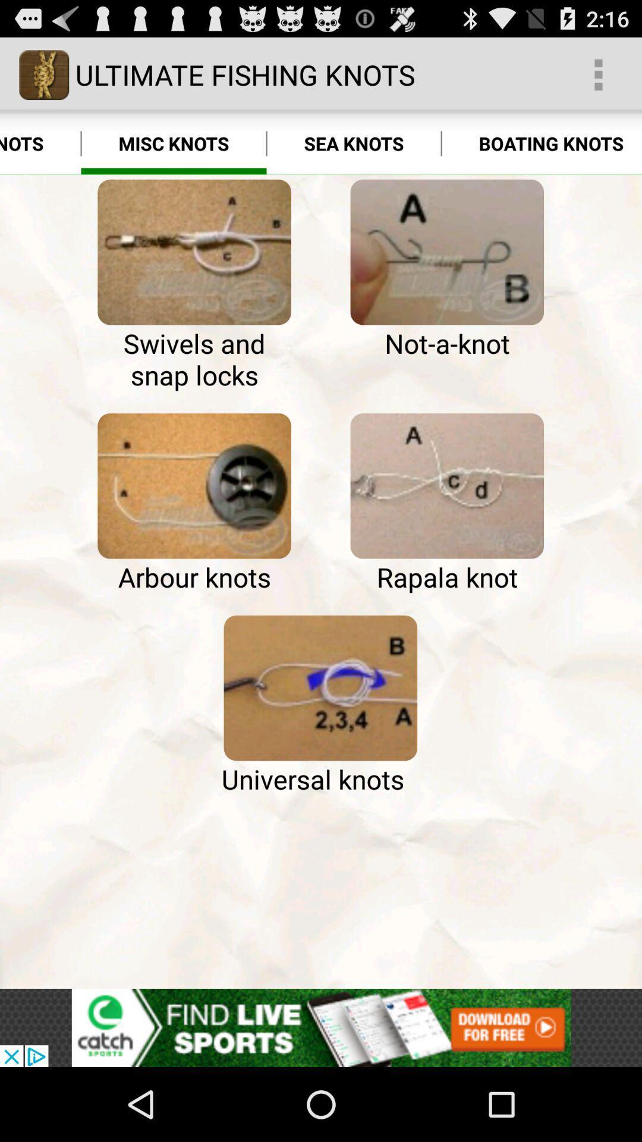 Image resolution: width=642 pixels, height=1142 pixels. I want to click on advertisement, so click(321, 1027).